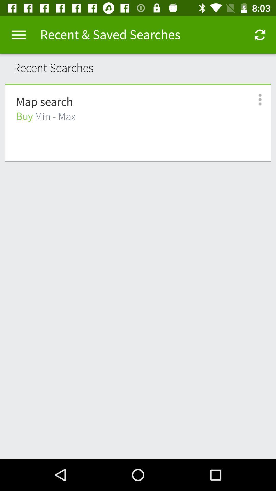 Image resolution: width=276 pixels, height=491 pixels. Describe the element at coordinates (254, 99) in the screenshot. I see `the item next to buy min - max icon` at that location.